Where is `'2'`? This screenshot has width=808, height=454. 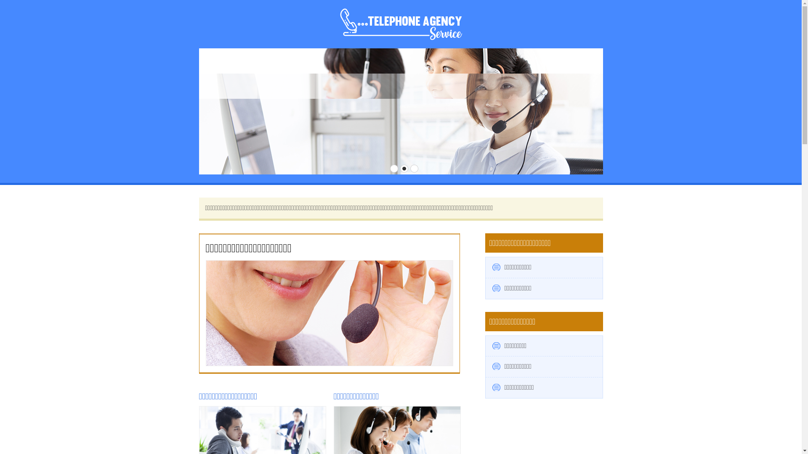
'2' is located at coordinates (399, 169).